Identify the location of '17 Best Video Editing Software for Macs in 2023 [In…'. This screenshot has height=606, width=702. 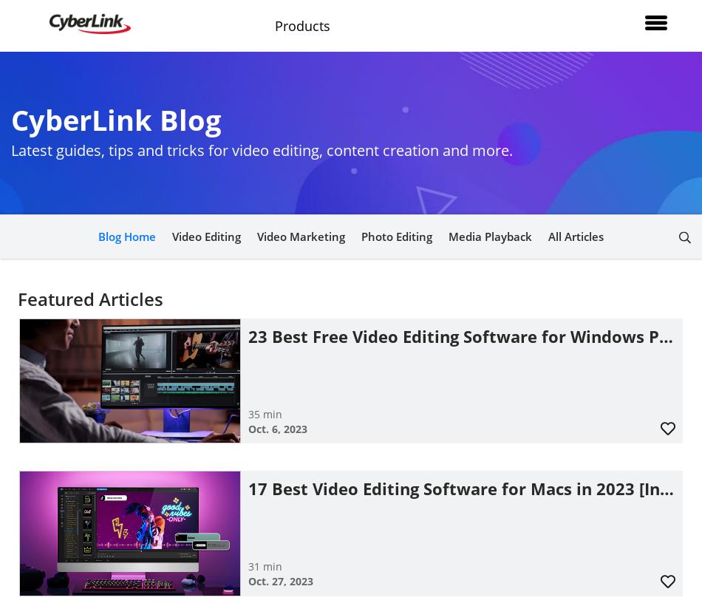
(460, 488).